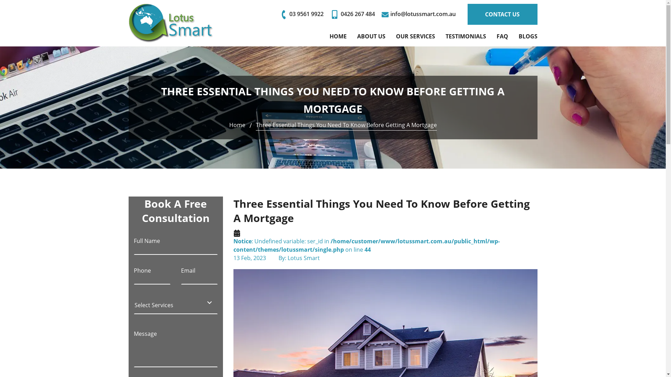 This screenshot has height=377, width=671. I want to click on 'TESTIMONIALS', so click(466, 36).